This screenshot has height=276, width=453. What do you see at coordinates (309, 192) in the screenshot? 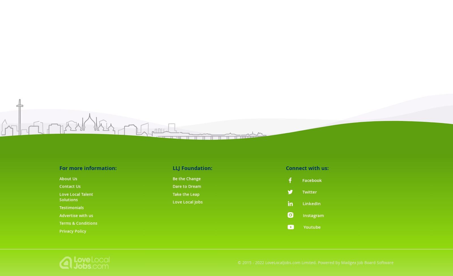
I see `'Twitter'` at bounding box center [309, 192].